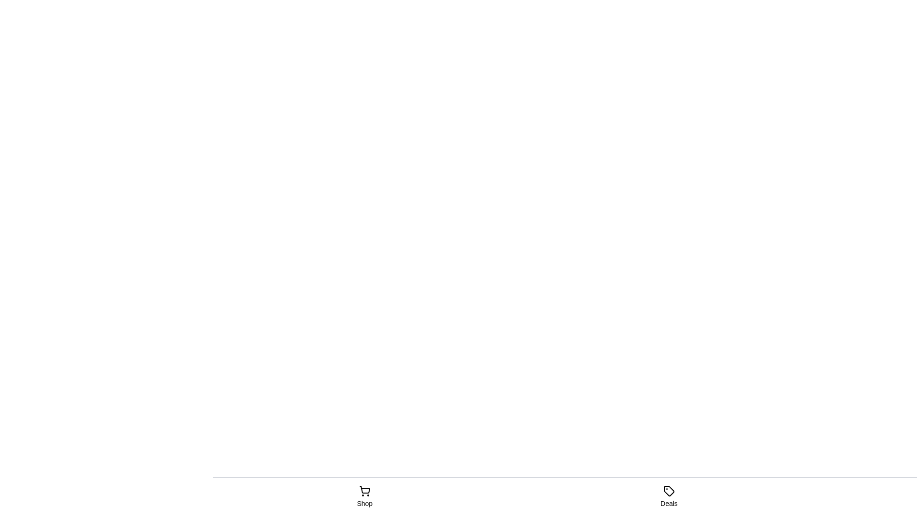  I want to click on the Shop tab to activate it, so click(364, 496).